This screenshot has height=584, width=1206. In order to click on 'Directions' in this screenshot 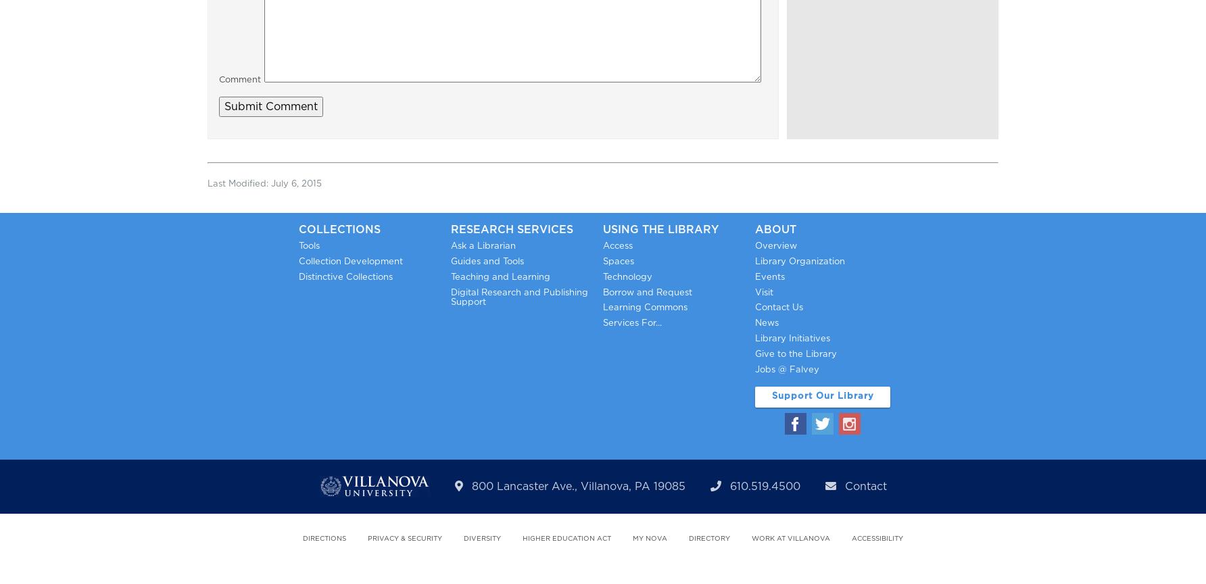, I will do `click(324, 538)`.